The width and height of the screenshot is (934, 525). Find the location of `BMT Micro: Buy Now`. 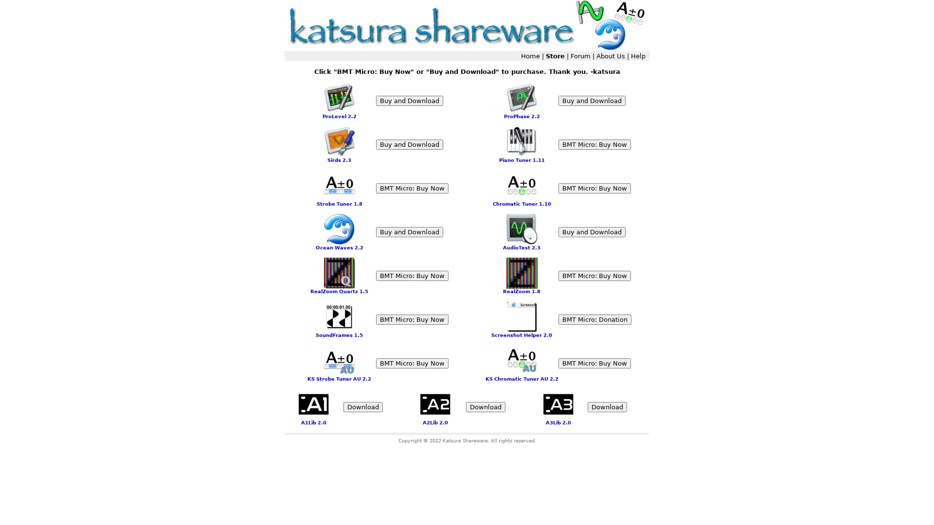

BMT Micro: Buy Now is located at coordinates (593, 363).